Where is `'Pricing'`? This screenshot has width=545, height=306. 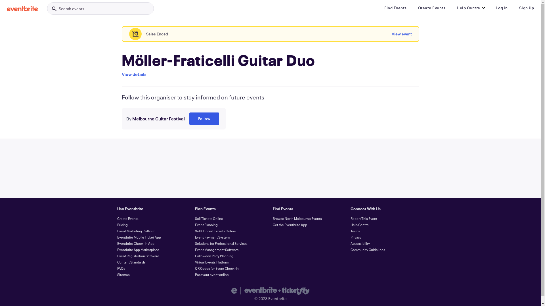
'Pricing' is located at coordinates (122, 224).